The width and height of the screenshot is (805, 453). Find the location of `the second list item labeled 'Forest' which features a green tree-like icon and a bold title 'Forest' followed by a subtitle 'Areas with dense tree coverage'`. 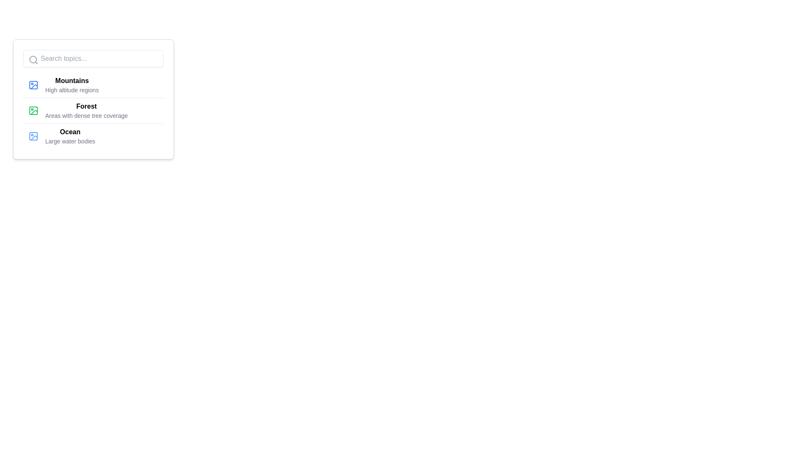

the second list item labeled 'Forest' which features a green tree-like icon and a bold title 'Forest' followed by a subtitle 'Areas with dense tree coverage' is located at coordinates (93, 110).